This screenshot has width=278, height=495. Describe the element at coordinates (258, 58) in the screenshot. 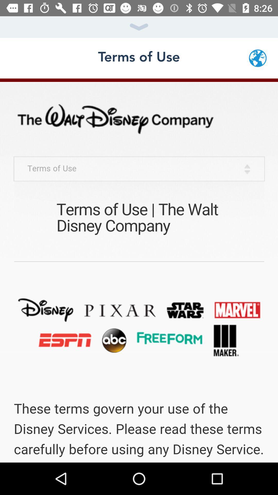

I see `the globe icon` at that location.